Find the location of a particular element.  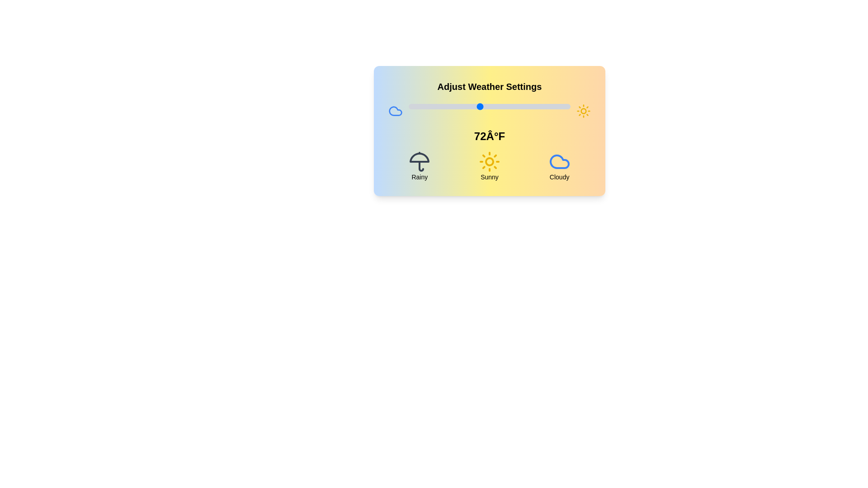

the temperature slider to 92°F is located at coordinates (544, 106).